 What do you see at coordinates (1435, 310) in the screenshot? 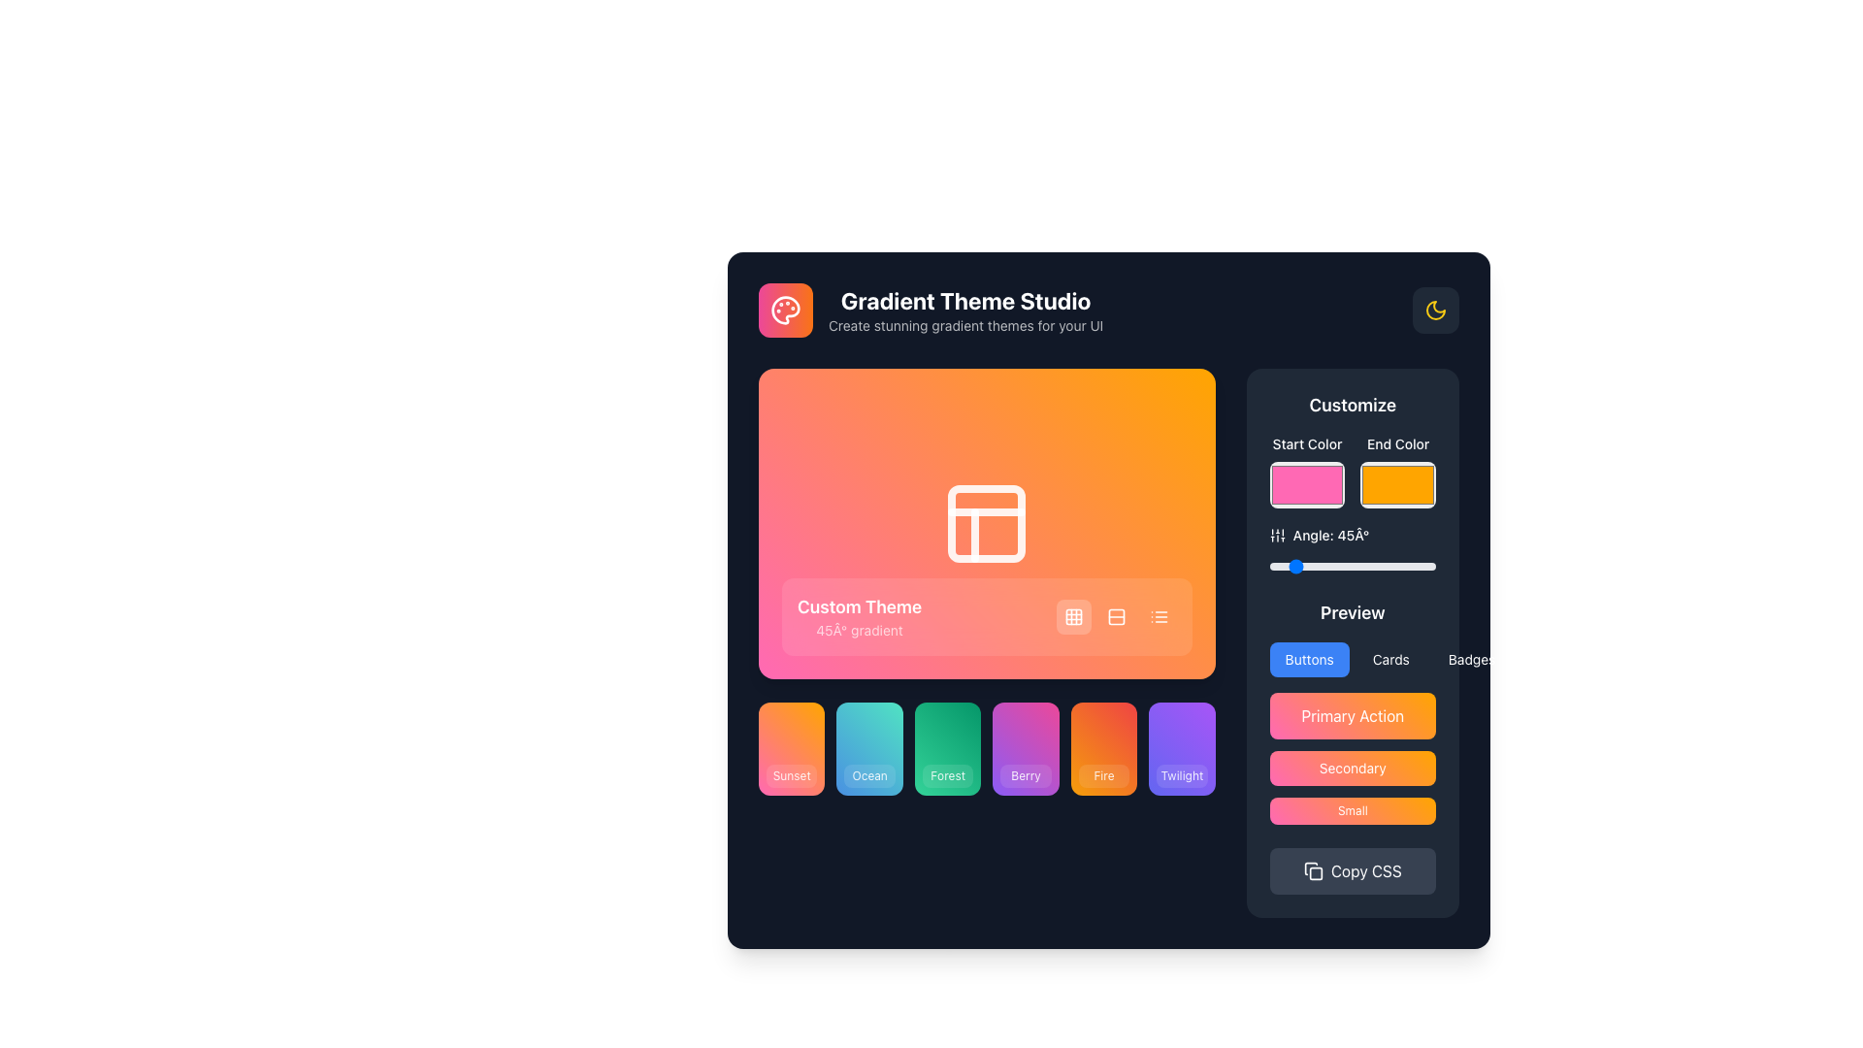
I see `the button that toggles between light and dark mode, indicated by a crescent moon icon, located at the far upper-right corner of the 'Gradient Theme Studio' section` at bounding box center [1435, 310].